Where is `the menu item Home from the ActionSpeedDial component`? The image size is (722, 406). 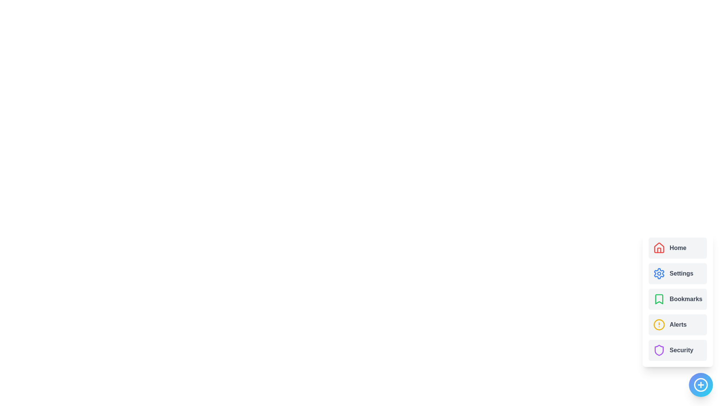
the menu item Home from the ActionSpeedDial component is located at coordinates (677, 248).